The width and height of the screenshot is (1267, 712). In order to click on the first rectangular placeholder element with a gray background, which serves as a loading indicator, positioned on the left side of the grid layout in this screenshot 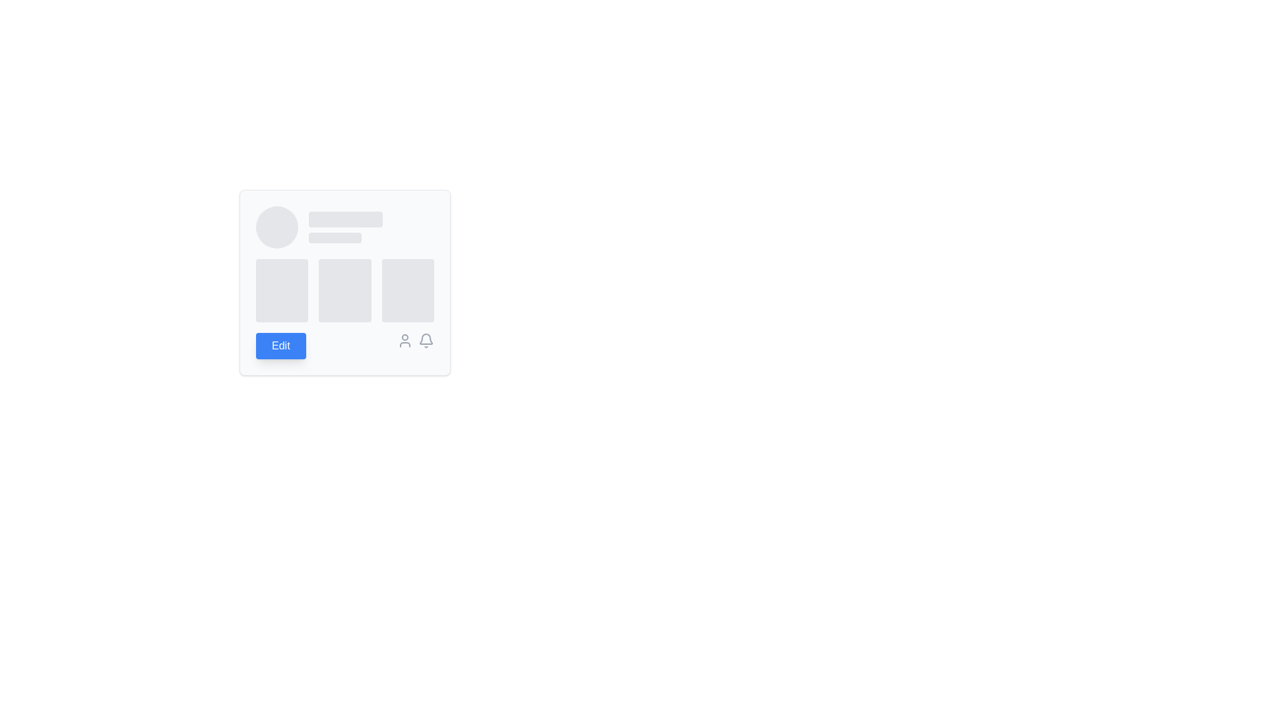, I will do `click(281, 289)`.